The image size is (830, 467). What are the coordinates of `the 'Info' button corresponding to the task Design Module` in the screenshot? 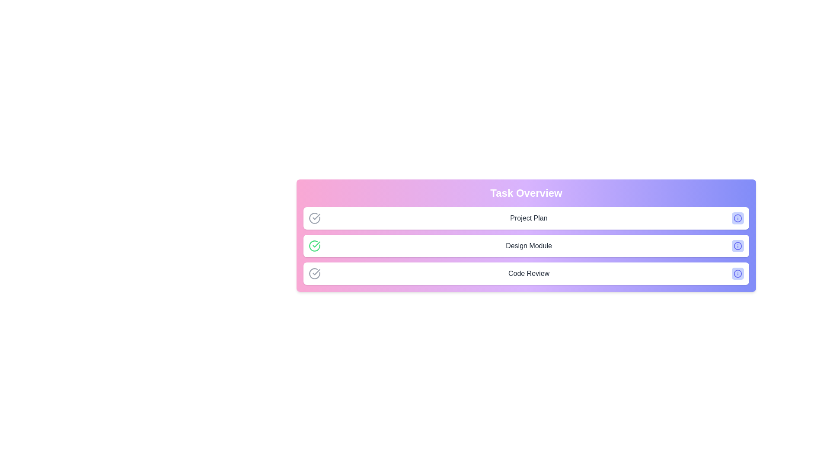 It's located at (737, 246).